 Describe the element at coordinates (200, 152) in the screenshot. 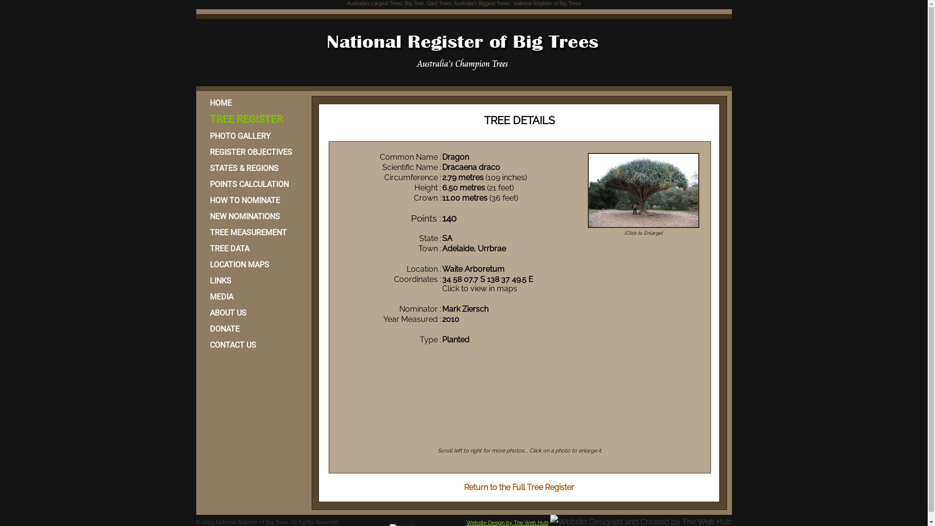

I see `'REGISTER OBJECTIVES'` at that location.